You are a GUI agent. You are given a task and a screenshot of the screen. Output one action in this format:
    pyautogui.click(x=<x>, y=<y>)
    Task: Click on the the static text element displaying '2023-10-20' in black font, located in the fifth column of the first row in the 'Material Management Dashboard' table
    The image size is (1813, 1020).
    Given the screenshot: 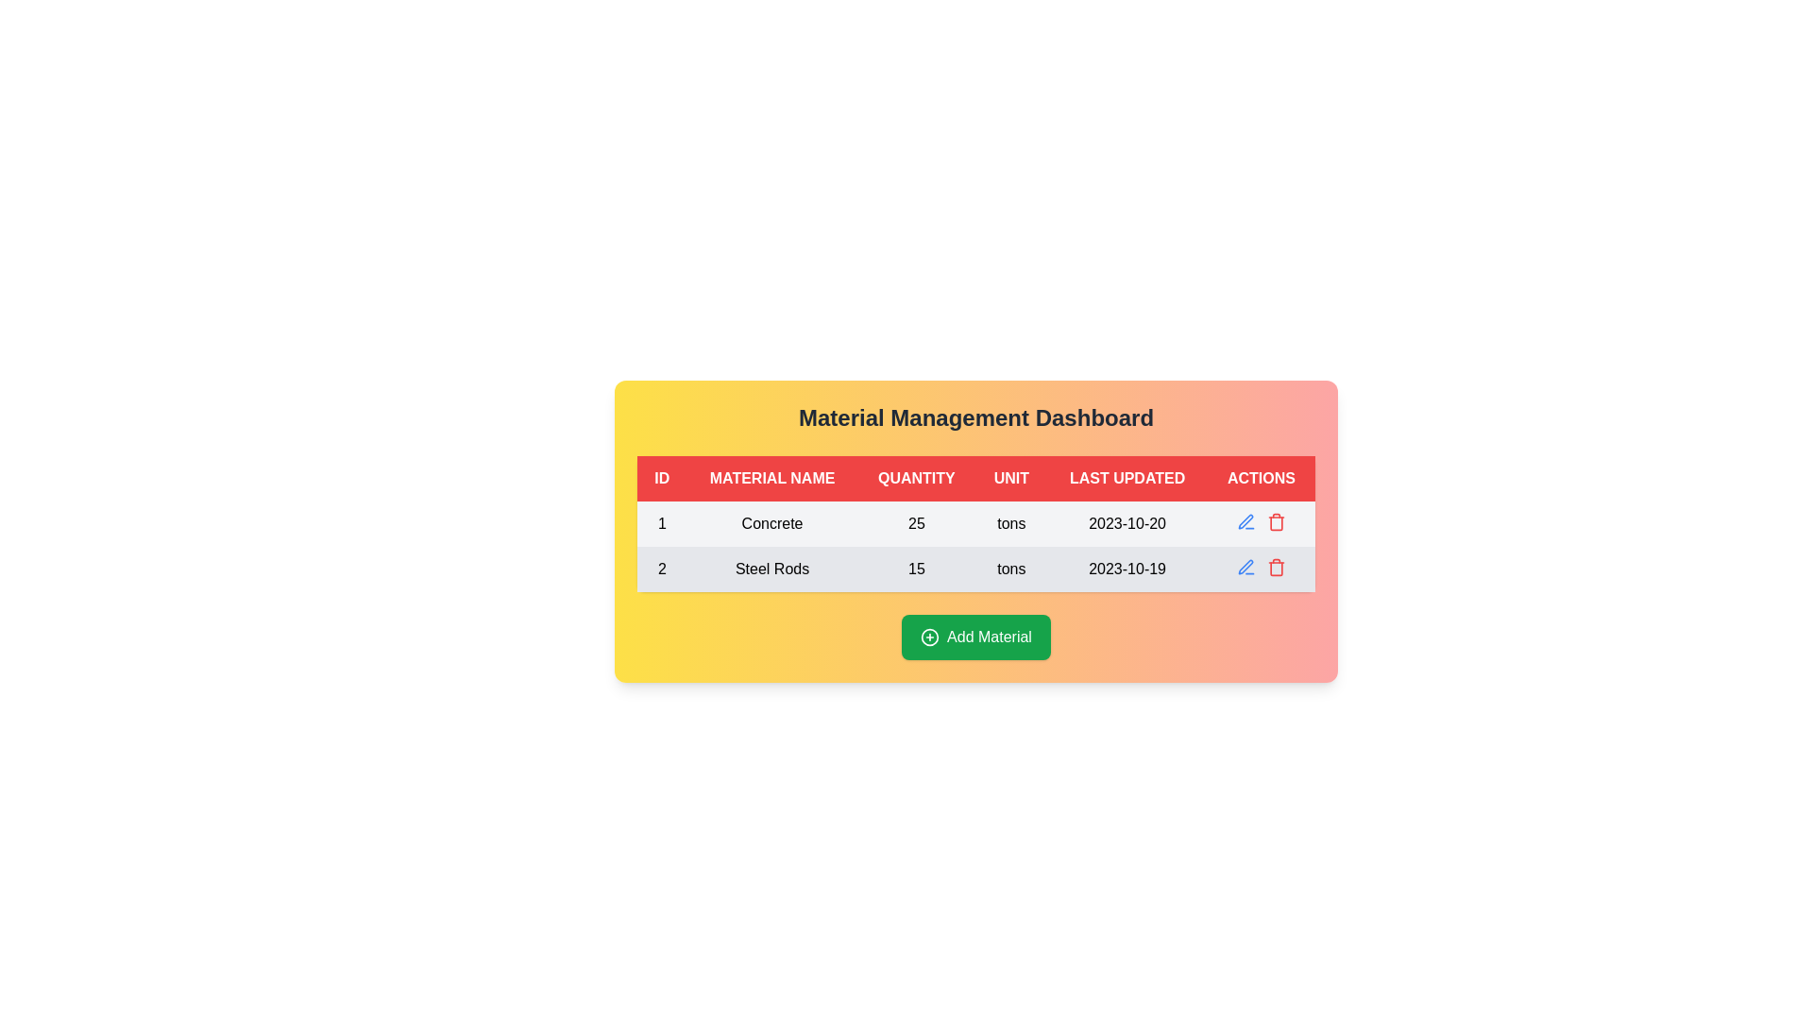 What is the action you would take?
    pyautogui.click(x=1127, y=524)
    